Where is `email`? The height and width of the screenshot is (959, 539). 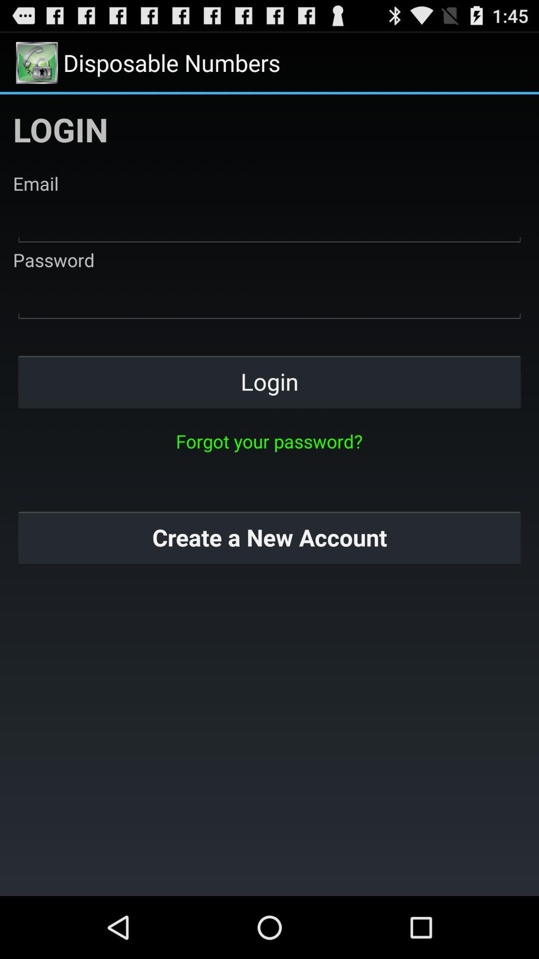
email is located at coordinates (269, 221).